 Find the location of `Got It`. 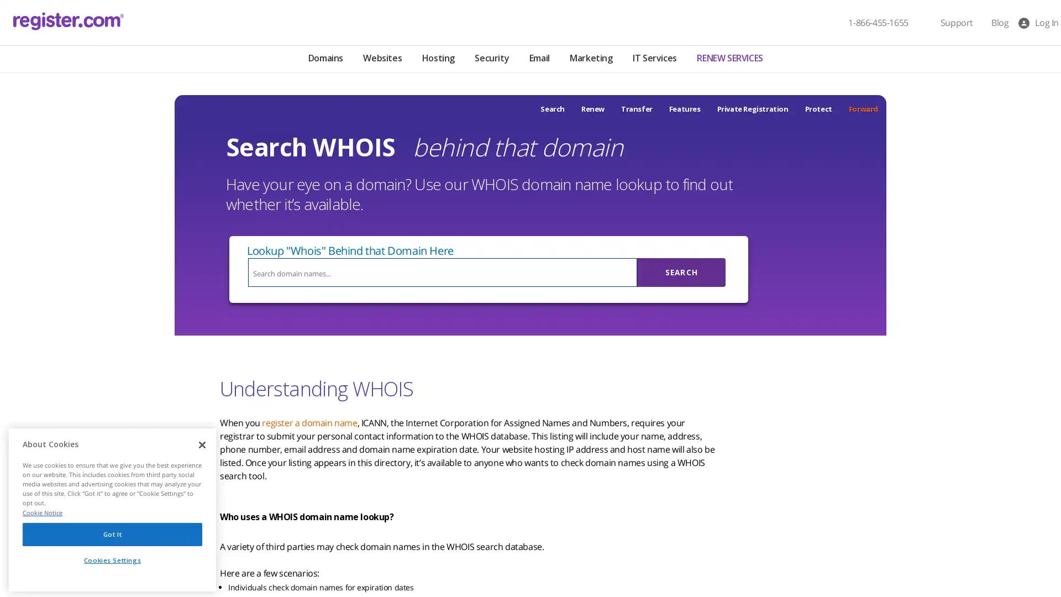

Got It is located at coordinates (112, 533).